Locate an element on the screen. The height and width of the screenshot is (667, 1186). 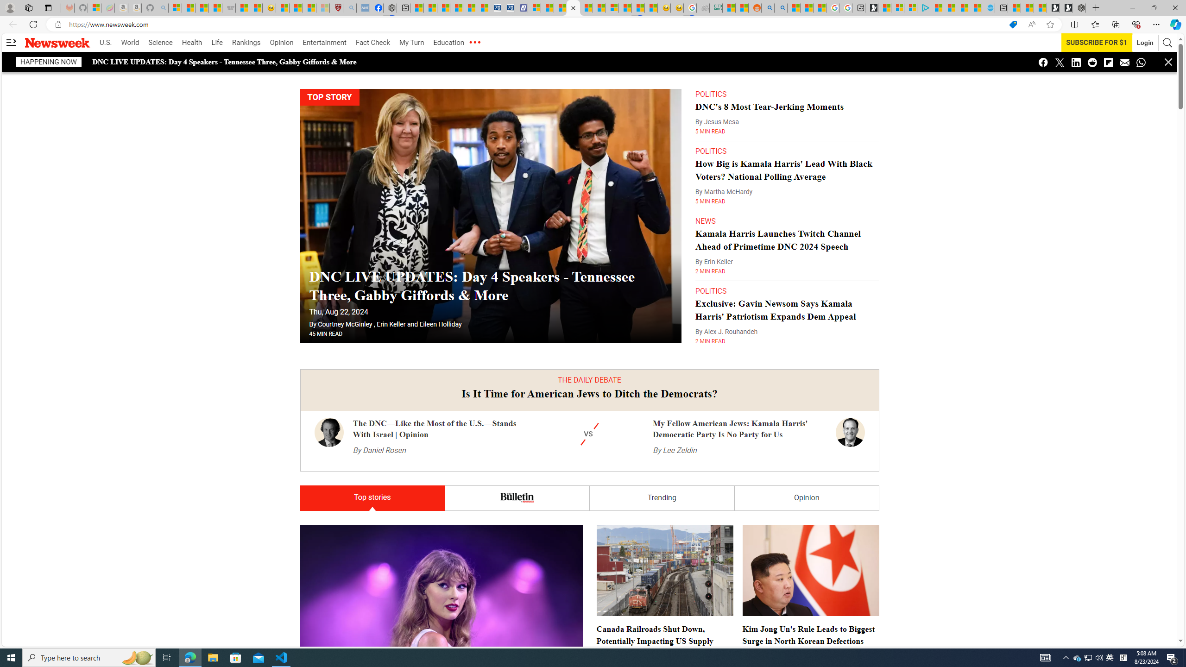
'Class: icon icon-email' is located at coordinates (1124, 62).